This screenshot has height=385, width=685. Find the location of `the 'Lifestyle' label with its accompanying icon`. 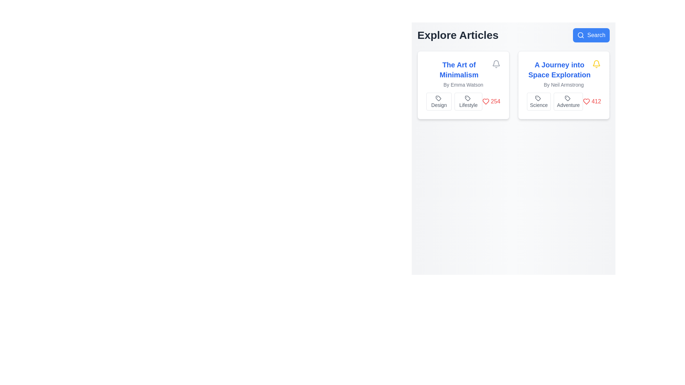

the 'Lifestyle' label with its accompanying icon is located at coordinates (468, 102).